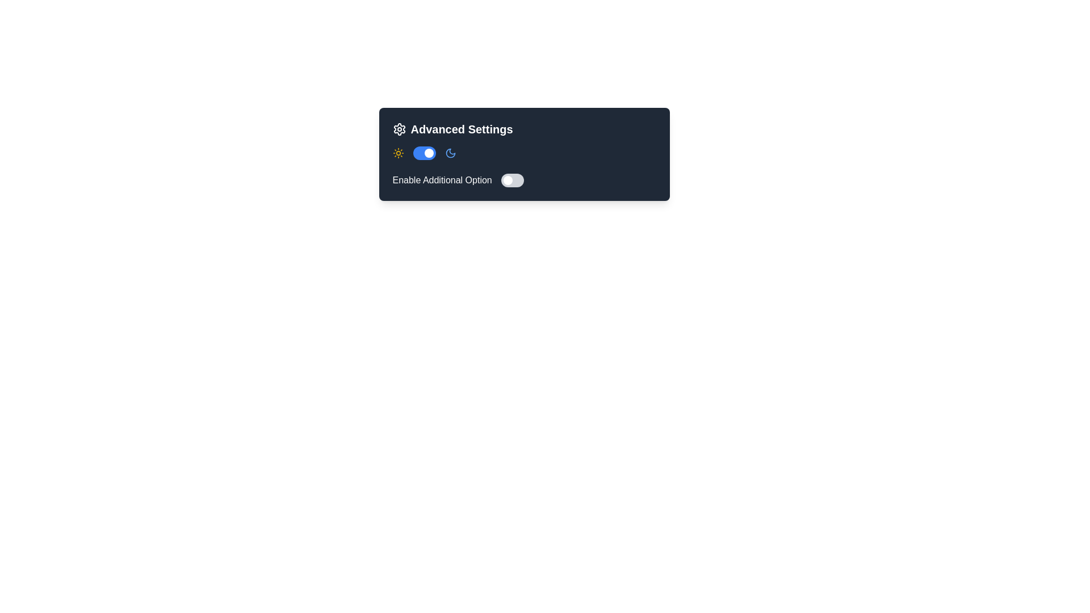 Image resolution: width=1090 pixels, height=613 pixels. Describe the element at coordinates (450, 153) in the screenshot. I see `keyboard navigation` at that location.